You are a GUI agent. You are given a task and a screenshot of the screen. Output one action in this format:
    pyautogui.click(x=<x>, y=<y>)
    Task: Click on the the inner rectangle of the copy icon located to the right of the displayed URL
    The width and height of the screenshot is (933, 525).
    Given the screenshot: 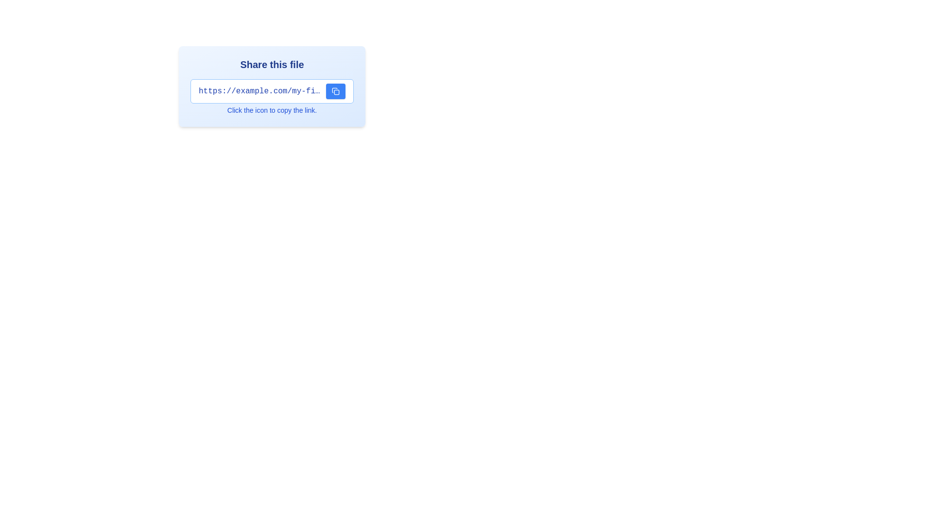 What is the action you would take?
    pyautogui.click(x=336, y=92)
    